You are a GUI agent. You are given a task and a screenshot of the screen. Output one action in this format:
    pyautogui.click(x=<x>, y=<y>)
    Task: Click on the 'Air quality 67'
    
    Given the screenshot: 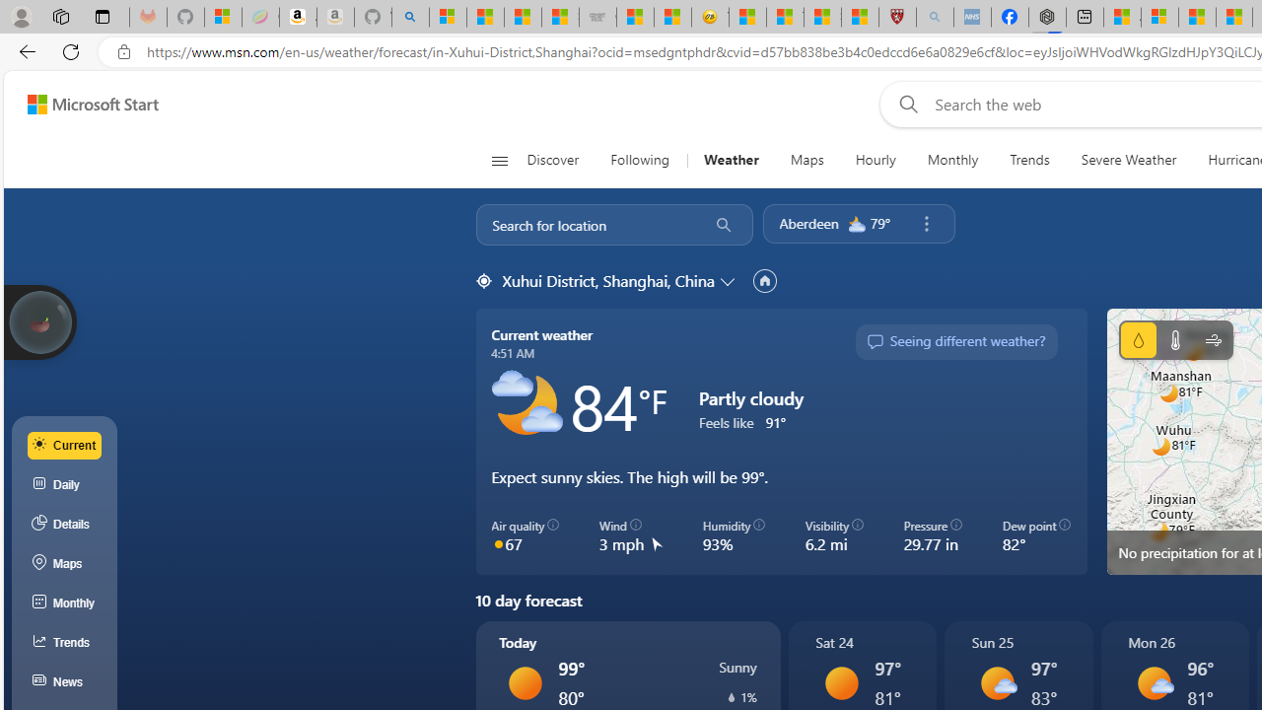 What is the action you would take?
    pyautogui.click(x=526, y=535)
    